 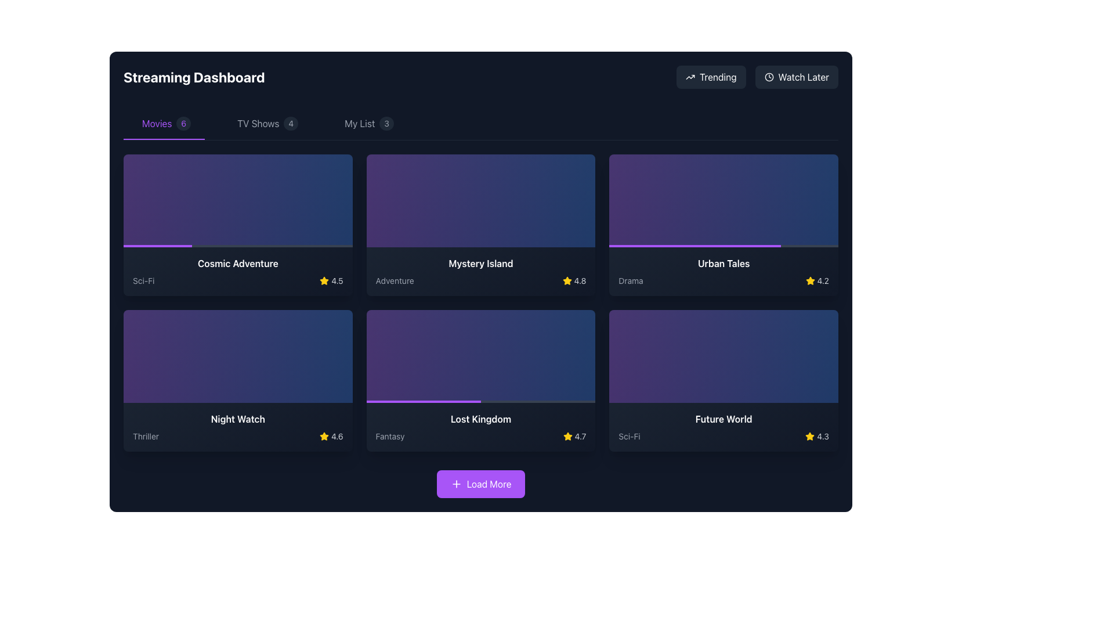 I want to click on the 'Watch Later' button, which is a dark gray rectangular button with a clock icon and white text, so click(x=796, y=77).